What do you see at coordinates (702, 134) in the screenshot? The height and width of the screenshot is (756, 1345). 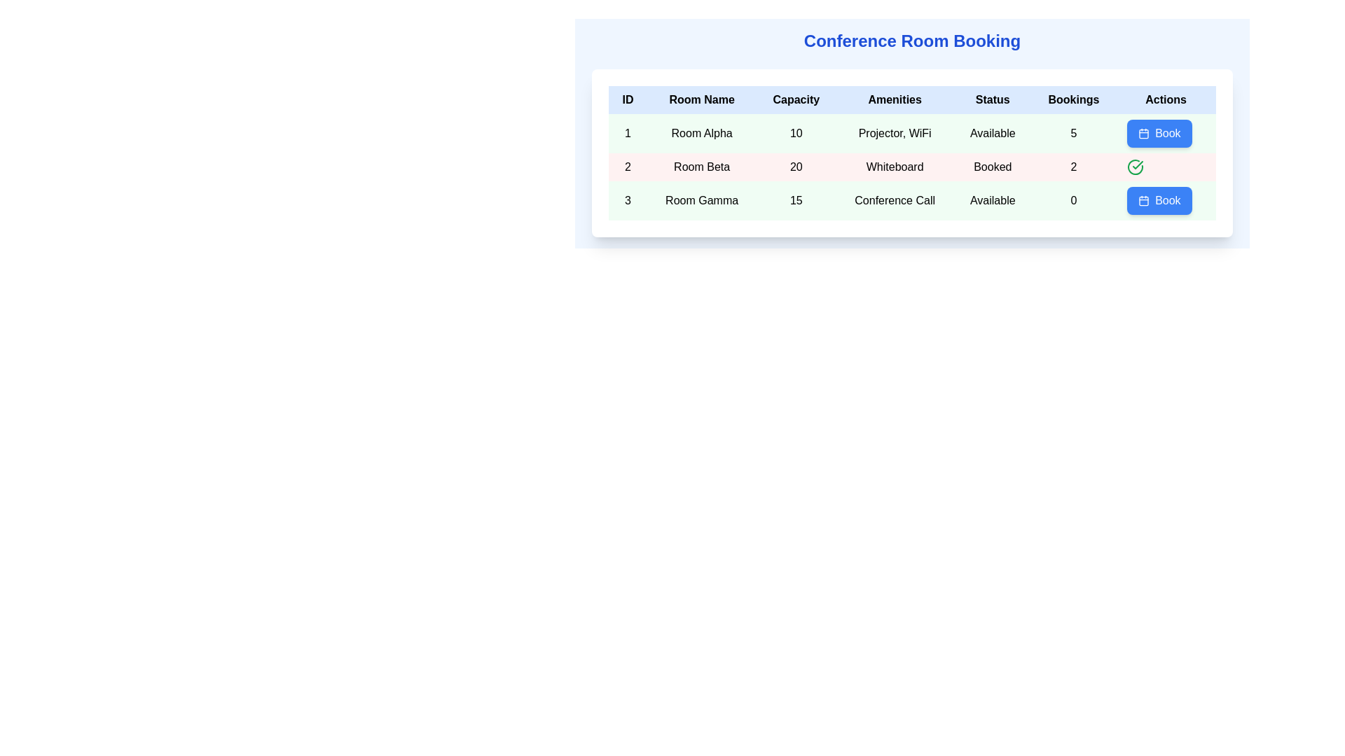 I see `the text label in the first row of the table under the 'Room Name' column, which indicates the name of the room` at bounding box center [702, 134].